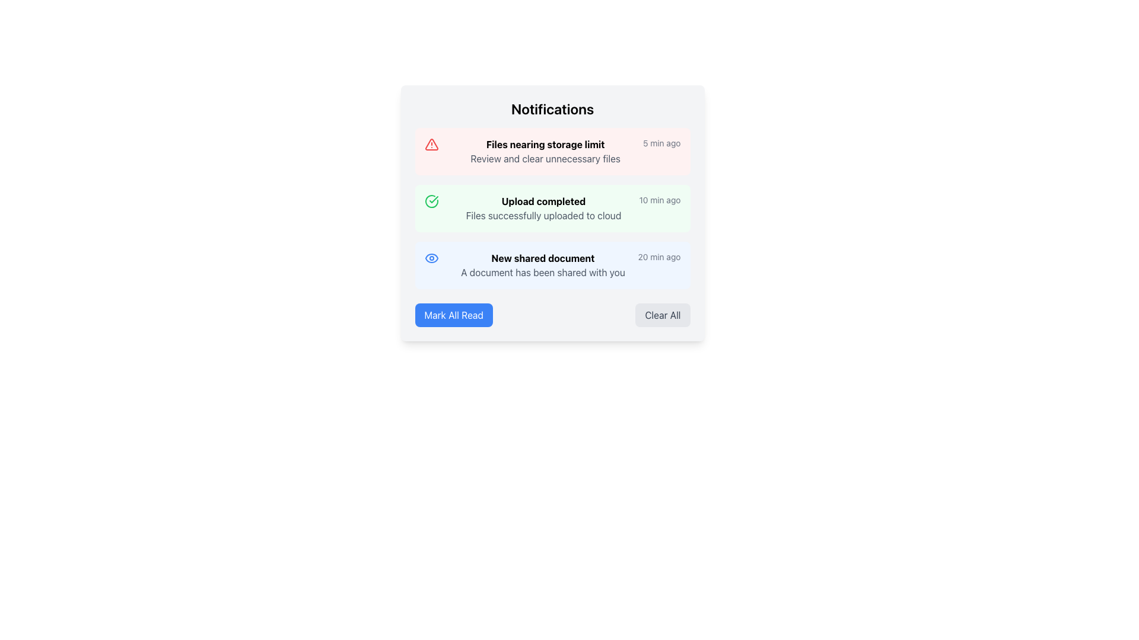  I want to click on the red triangle warning icon next to the text 'Files nearing storage limit' in the notification card, so click(431, 143).